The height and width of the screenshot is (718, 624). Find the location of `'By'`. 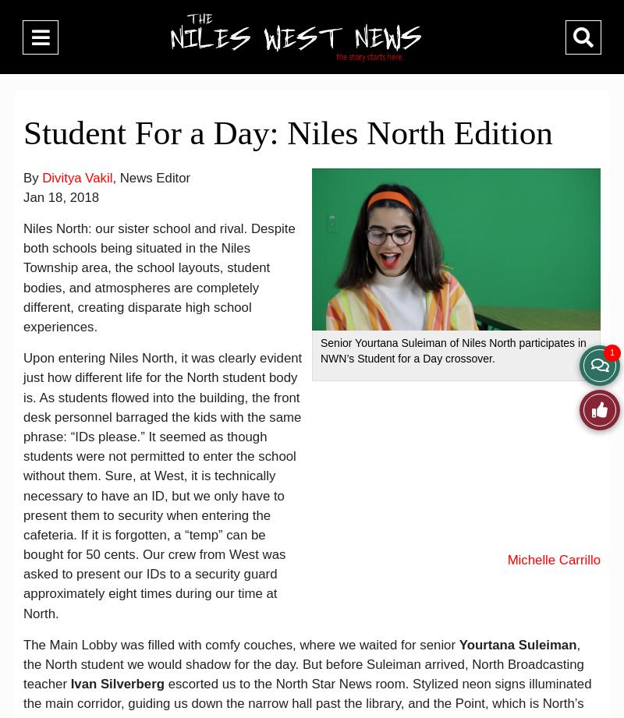

'By' is located at coordinates (32, 176).